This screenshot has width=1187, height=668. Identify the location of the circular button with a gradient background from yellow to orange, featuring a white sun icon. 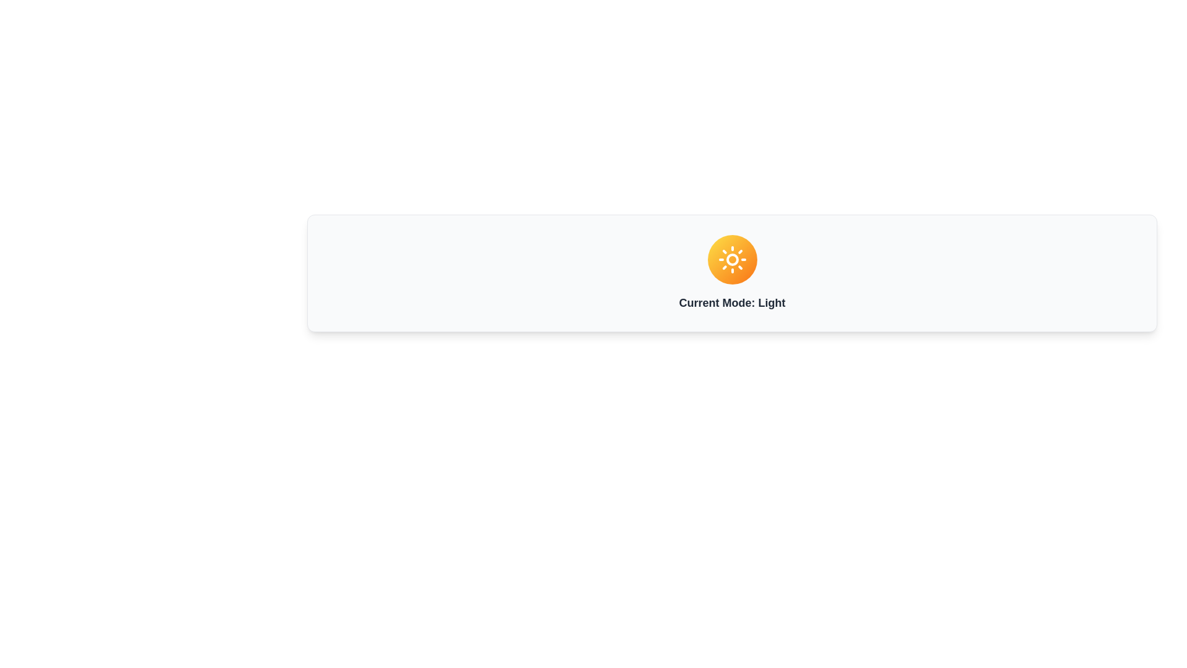
(732, 259).